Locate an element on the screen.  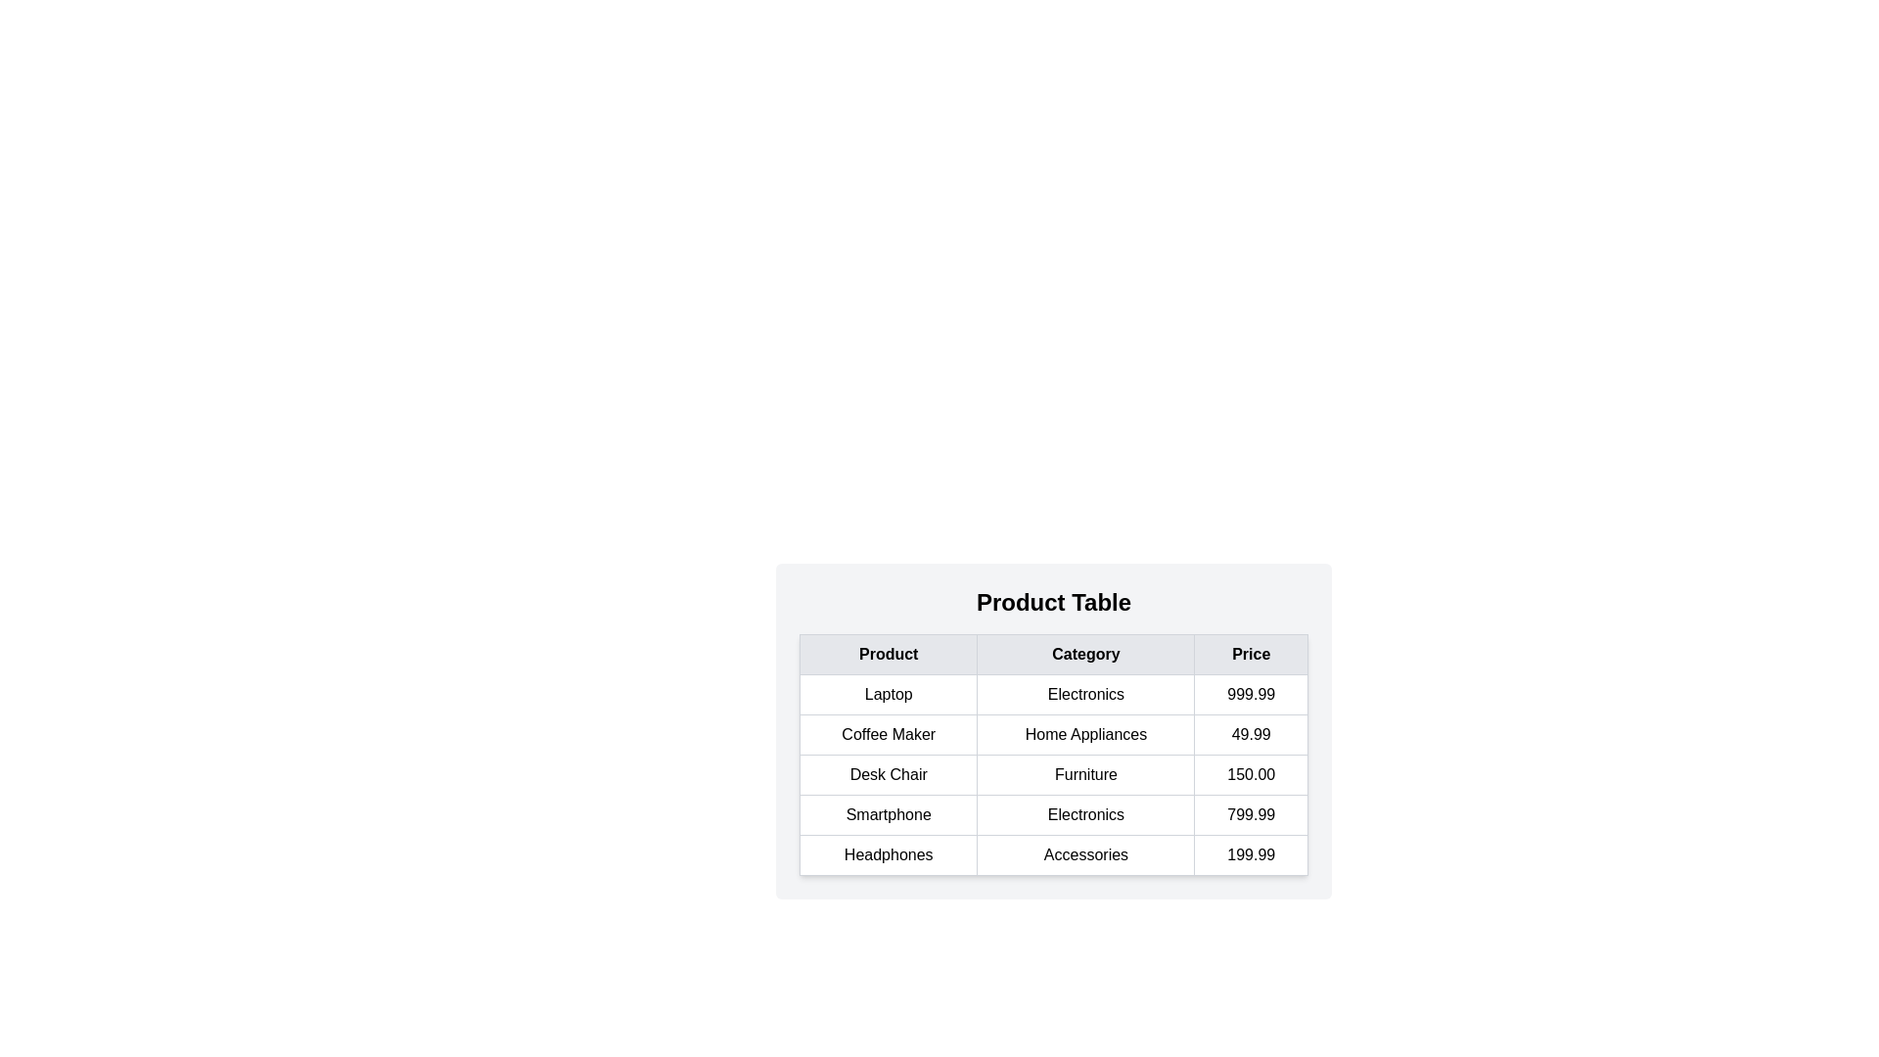
the Text Label displaying the monetary value '150.00' in the 'Price' column of the table for 'Desk Chair' is located at coordinates (1250, 773).